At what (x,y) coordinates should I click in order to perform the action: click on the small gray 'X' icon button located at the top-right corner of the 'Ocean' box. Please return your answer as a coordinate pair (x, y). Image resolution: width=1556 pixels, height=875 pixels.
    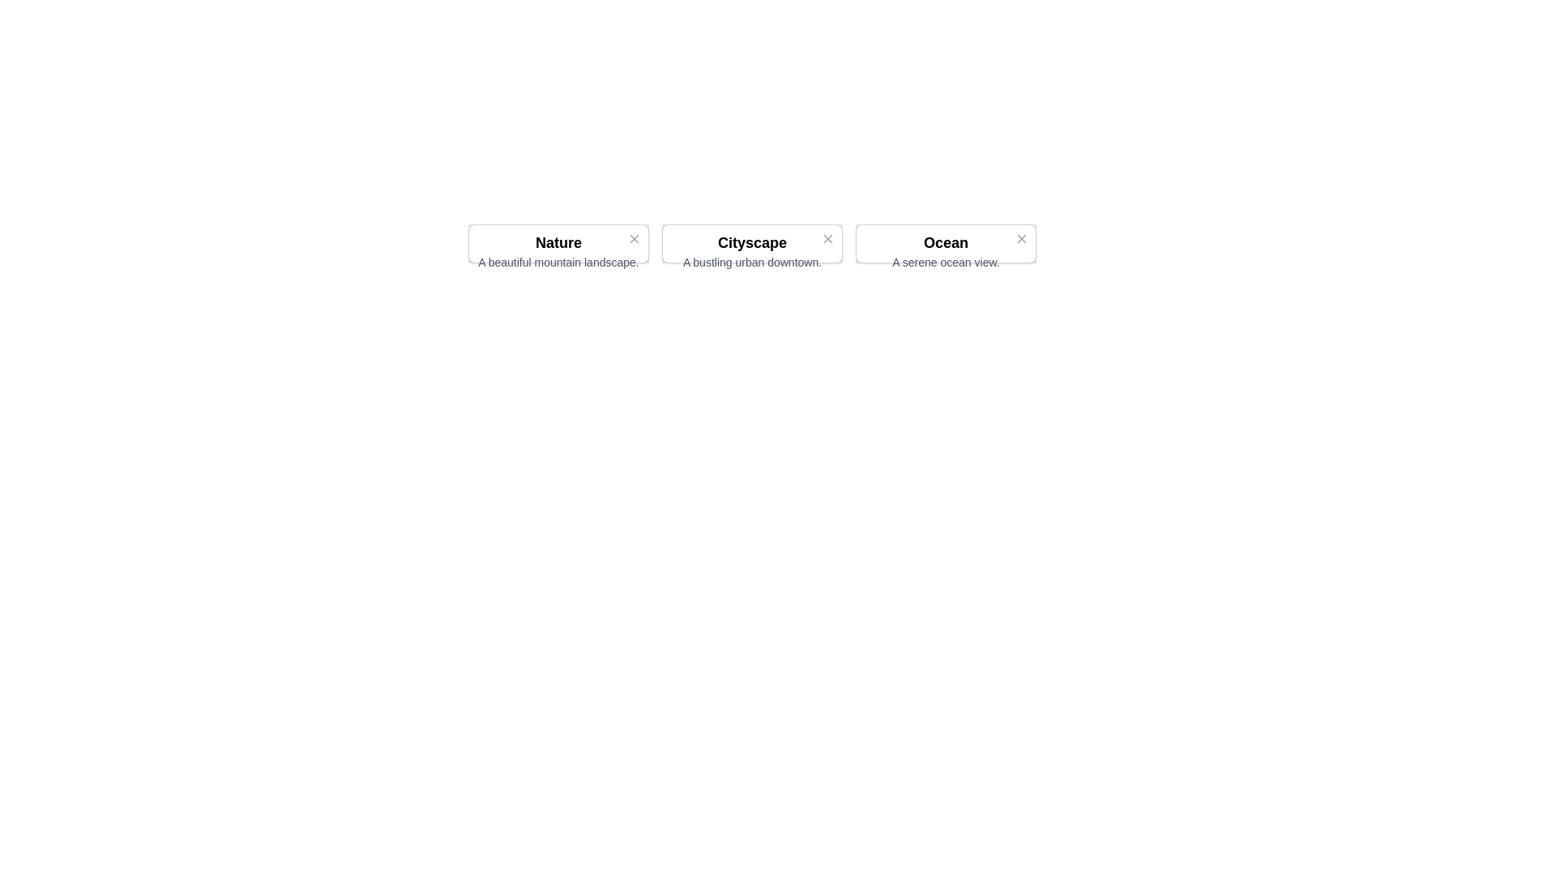
    Looking at the image, I should click on (1021, 238).